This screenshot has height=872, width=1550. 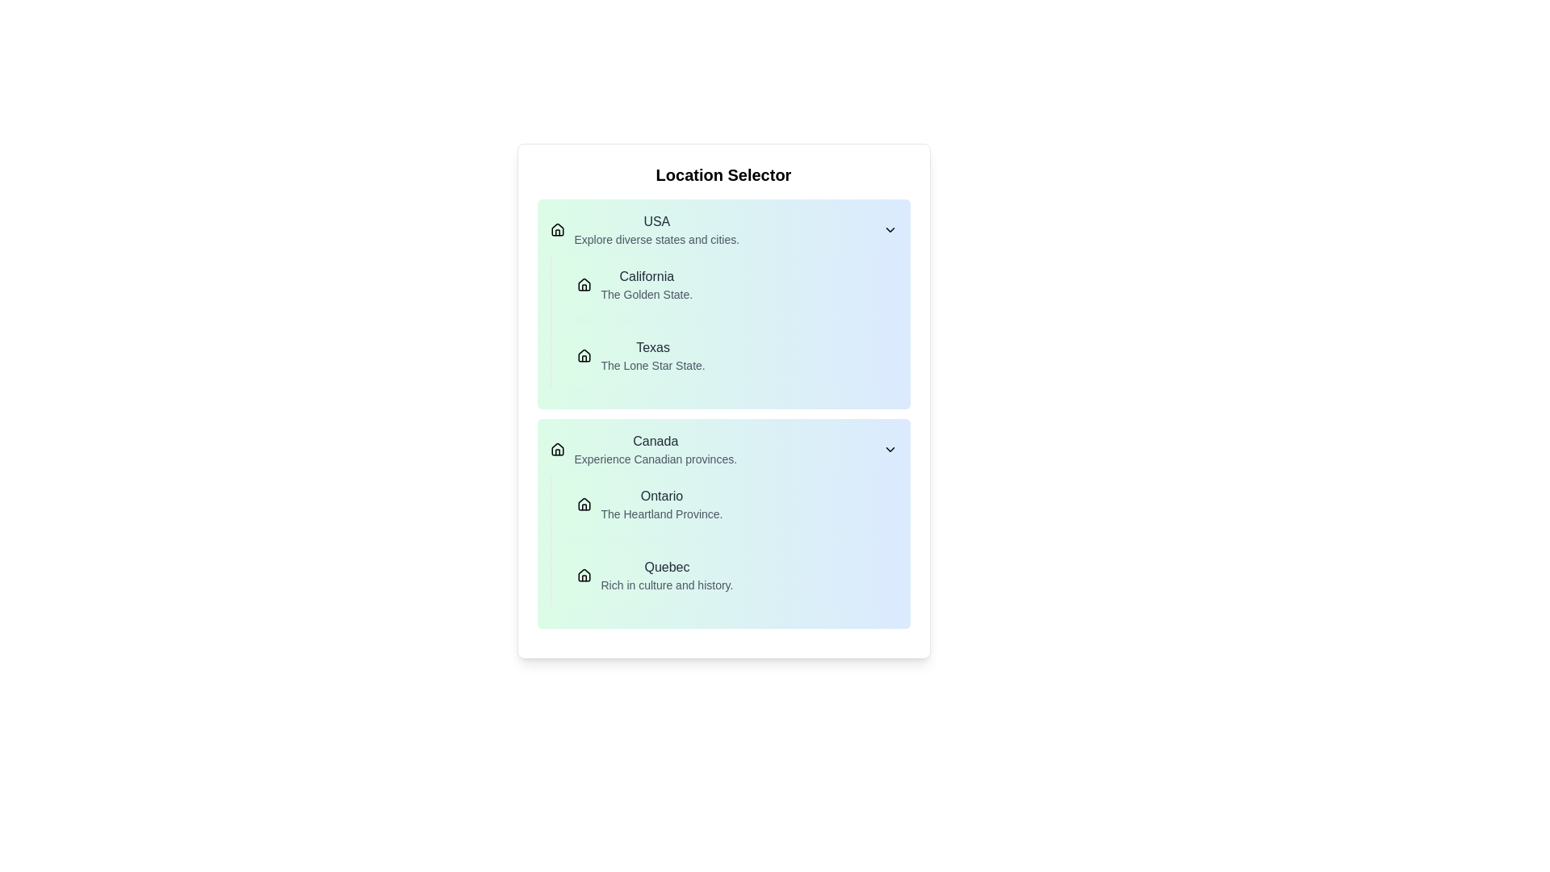 I want to click on the home icon located to the left of the text 'Texas' in the location selector interface, so click(x=583, y=354).